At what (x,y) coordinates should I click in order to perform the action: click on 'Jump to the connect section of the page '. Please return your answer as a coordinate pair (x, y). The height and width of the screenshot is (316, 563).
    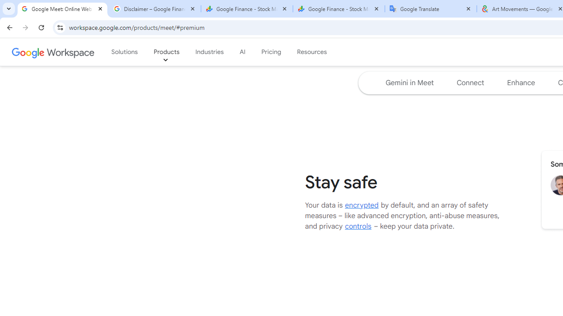
    Looking at the image, I should click on (470, 83).